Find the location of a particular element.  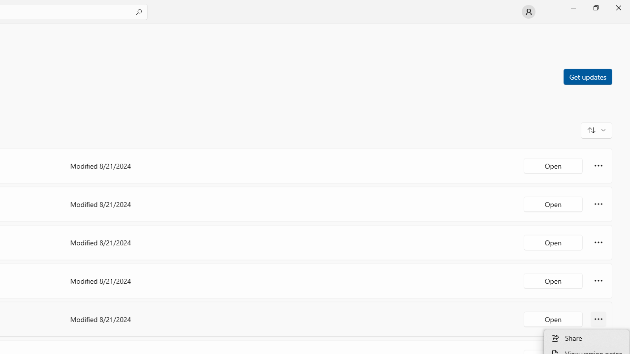

'Sort and filter' is located at coordinates (596, 129).